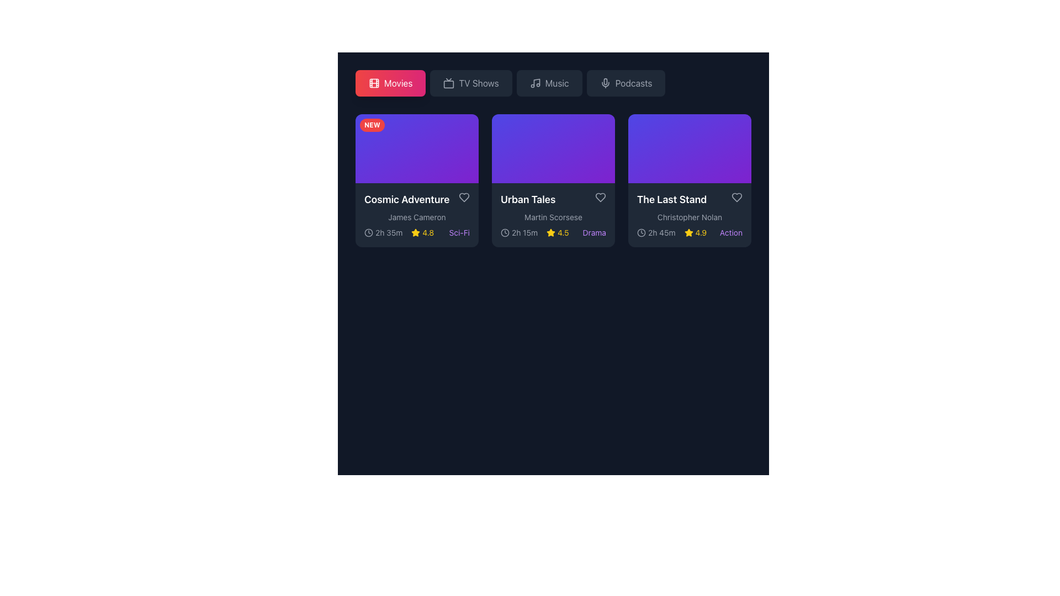  Describe the element at coordinates (633, 82) in the screenshot. I see `the 'Podcasts' text label within the navigation button` at that location.